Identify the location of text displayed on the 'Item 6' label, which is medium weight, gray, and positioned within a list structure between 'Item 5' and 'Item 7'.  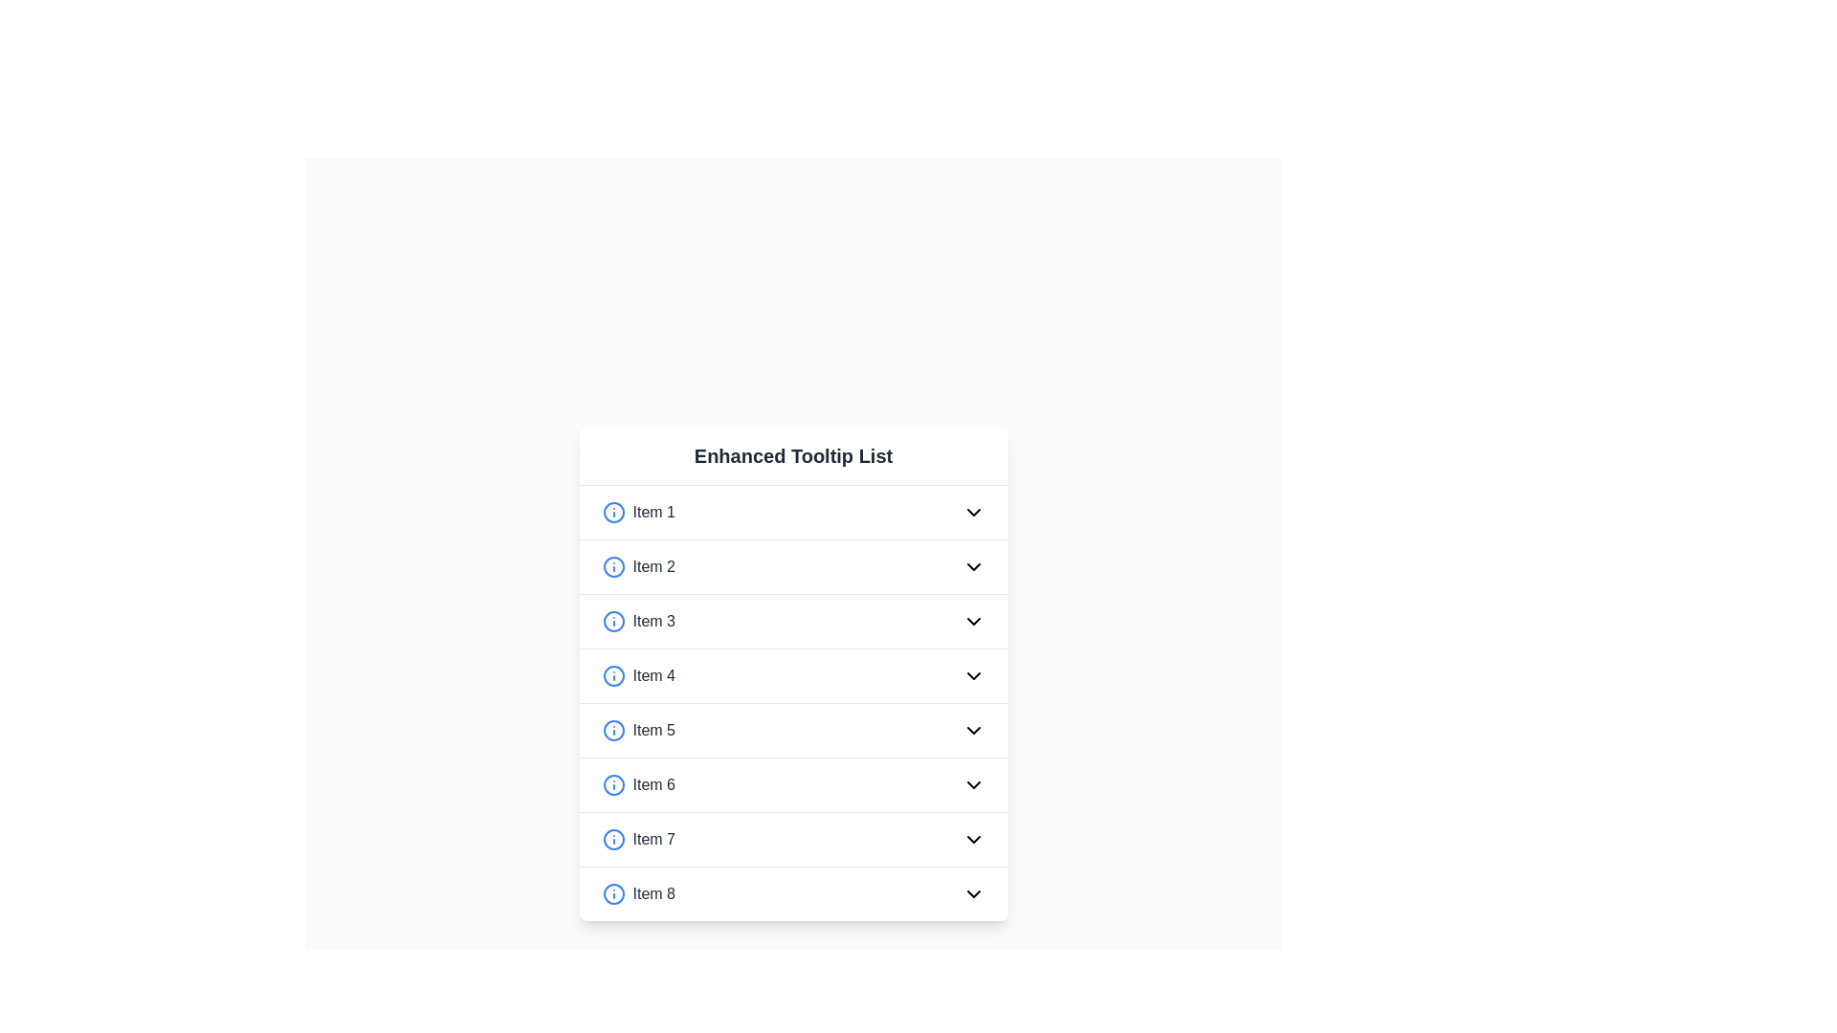
(653, 785).